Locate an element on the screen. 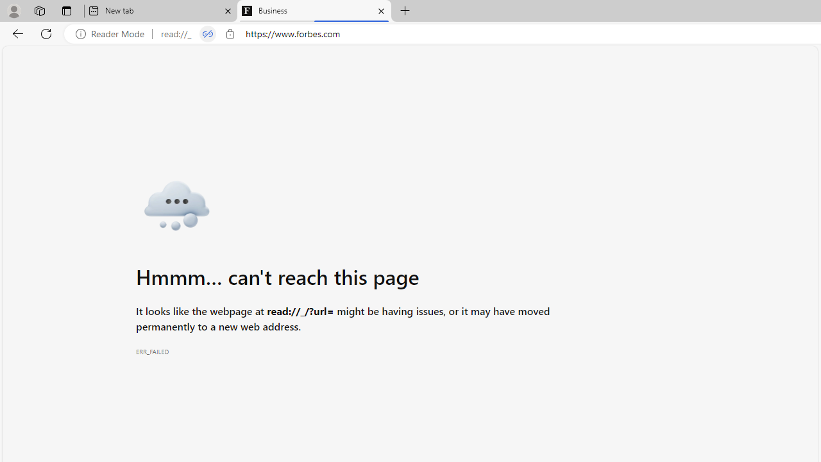 The width and height of the screenshot is (821, 462). 'Business' is located at coordinates (314, 11).